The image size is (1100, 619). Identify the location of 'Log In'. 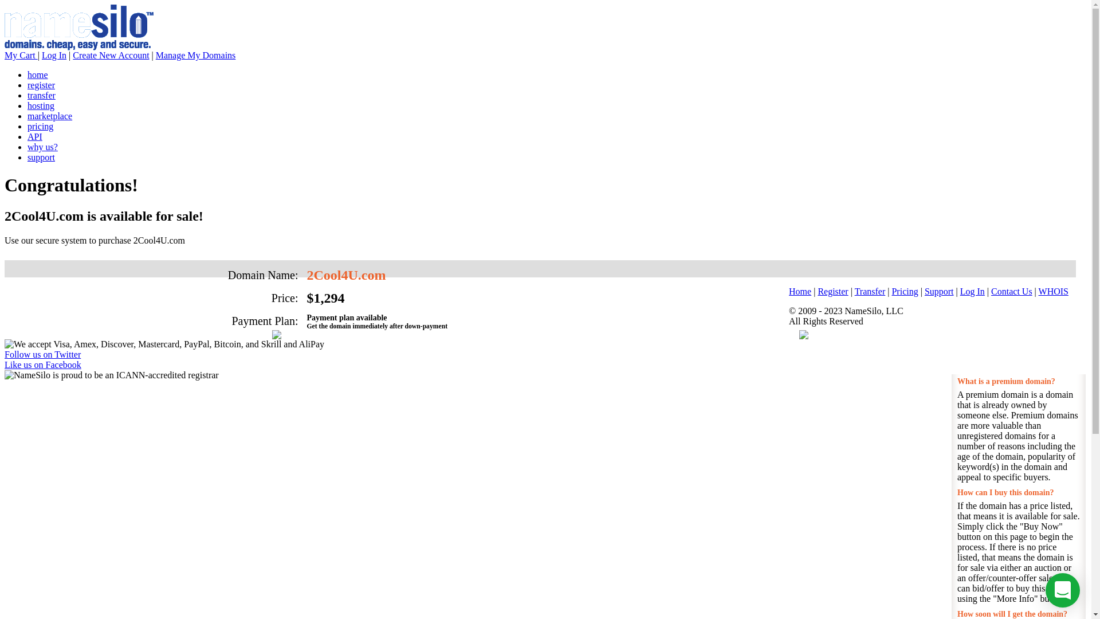
(53, 55).